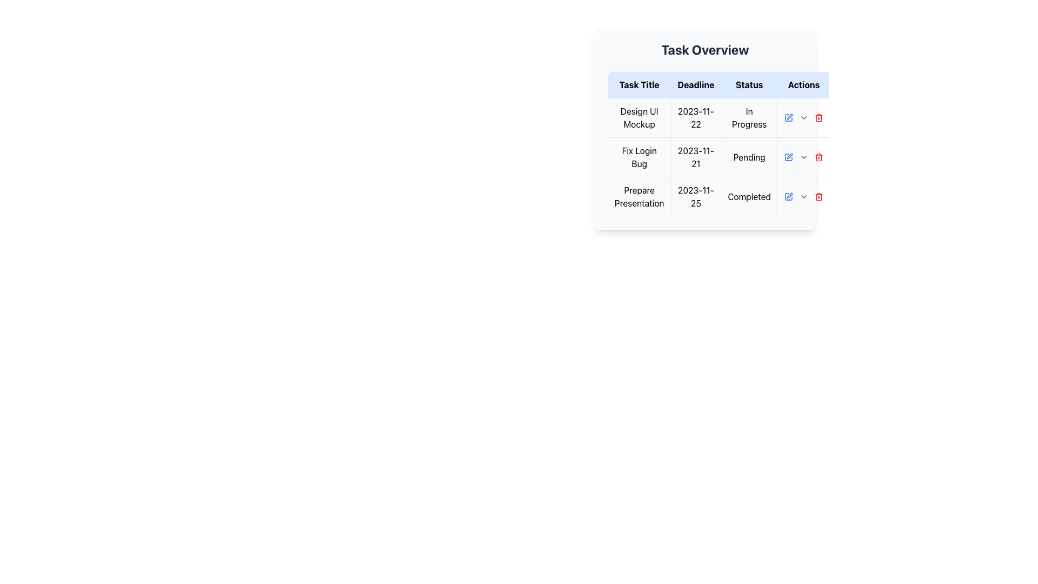 This screenshot has width=1038, height=584. Describe the element at coordinates (789, 196) in the screenshot. I see `the blue-bordered square icon with a pen inside, located in the 'Actions' column of the third row labeled 'Prepare Presentation'` at that location.